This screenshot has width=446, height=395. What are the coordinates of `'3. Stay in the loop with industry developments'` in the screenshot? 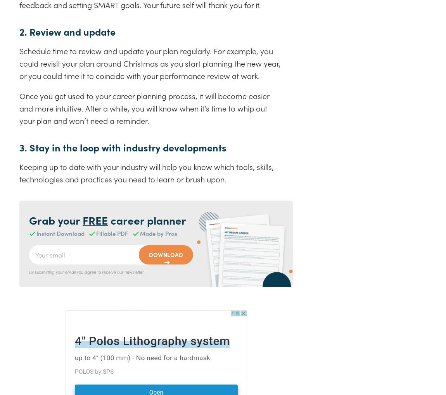 It's located at (19, 146).